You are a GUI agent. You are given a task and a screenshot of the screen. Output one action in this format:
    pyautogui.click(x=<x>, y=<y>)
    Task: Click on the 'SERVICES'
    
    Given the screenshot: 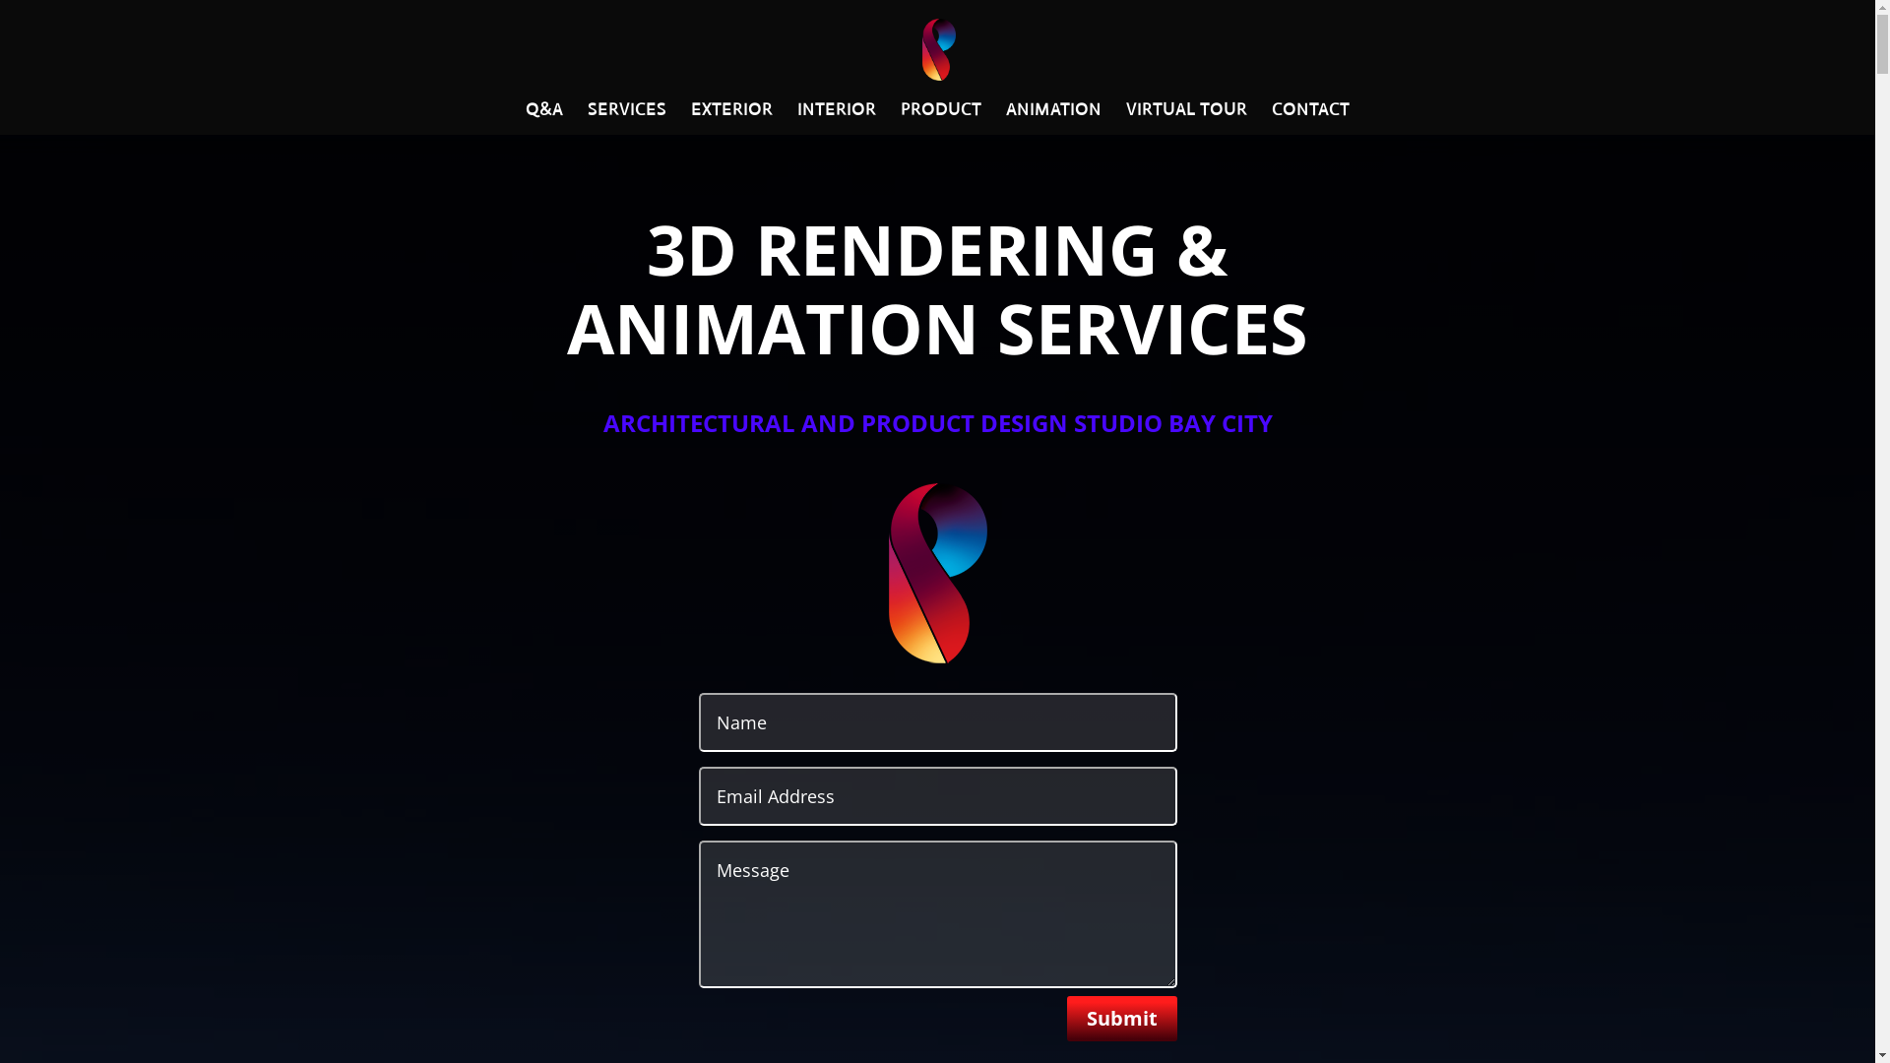 What is the action you would take?
    pyautogui.click(x=626, y=118)
    